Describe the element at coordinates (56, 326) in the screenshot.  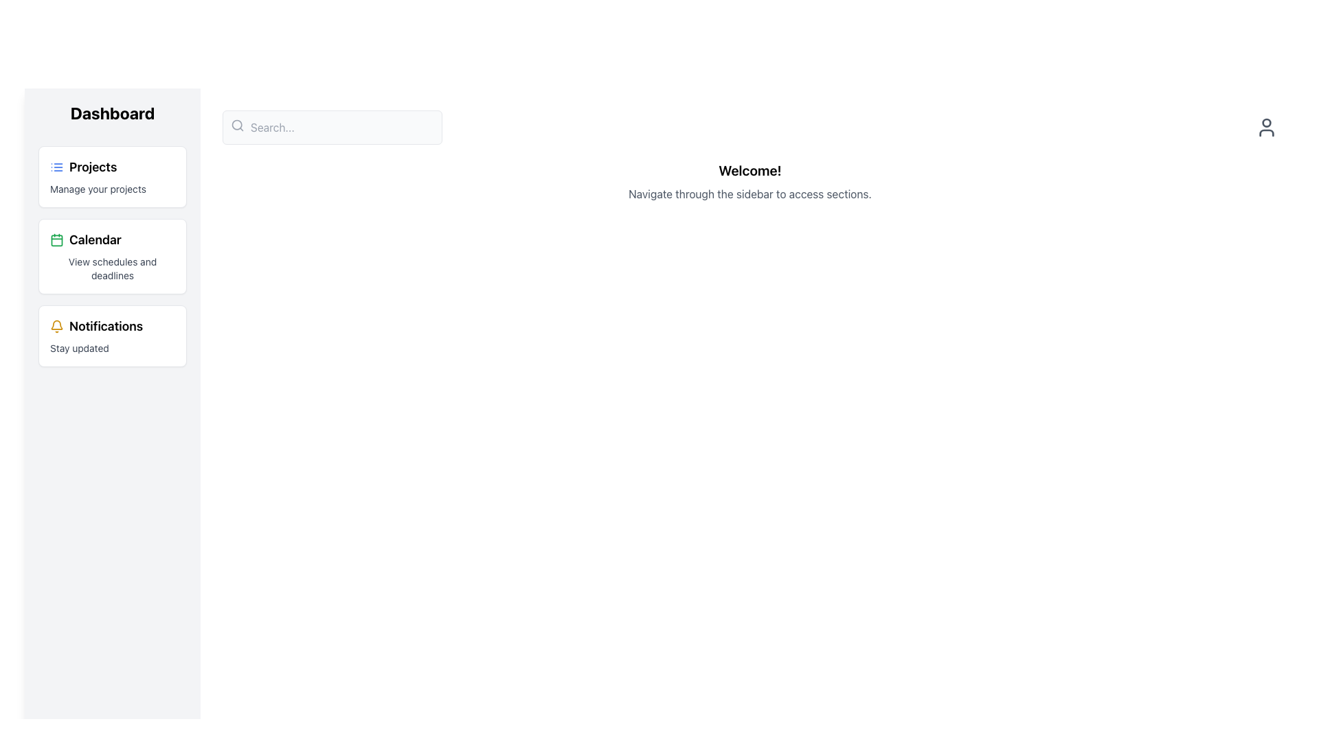
I see `the yellow bell-shaped icon located in the navigation panel` at that location.